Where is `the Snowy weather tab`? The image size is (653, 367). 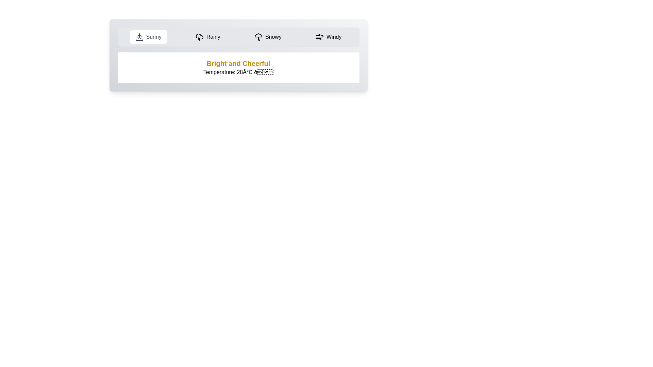 the Snowy weather tab is located at coordinates (267, 37).